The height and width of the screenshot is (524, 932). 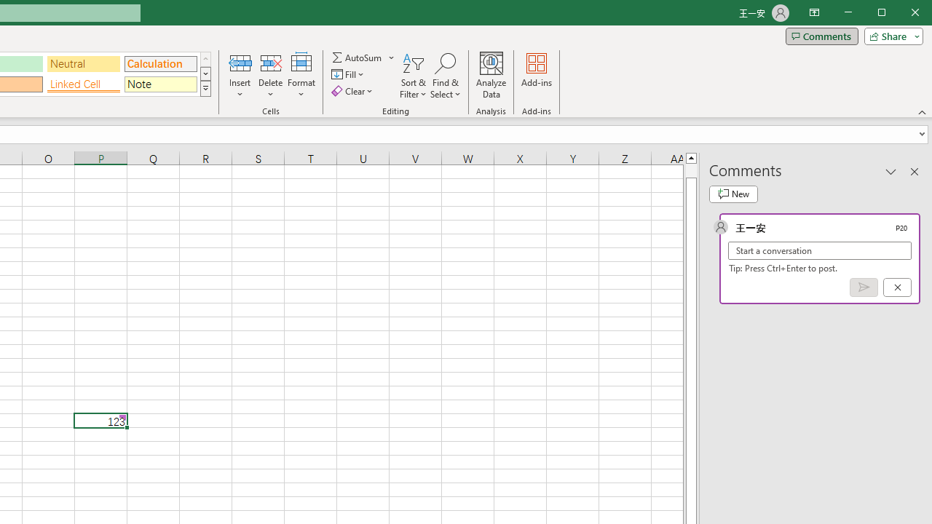 I want to click on 'Close pane', so click(x=914, y=170).